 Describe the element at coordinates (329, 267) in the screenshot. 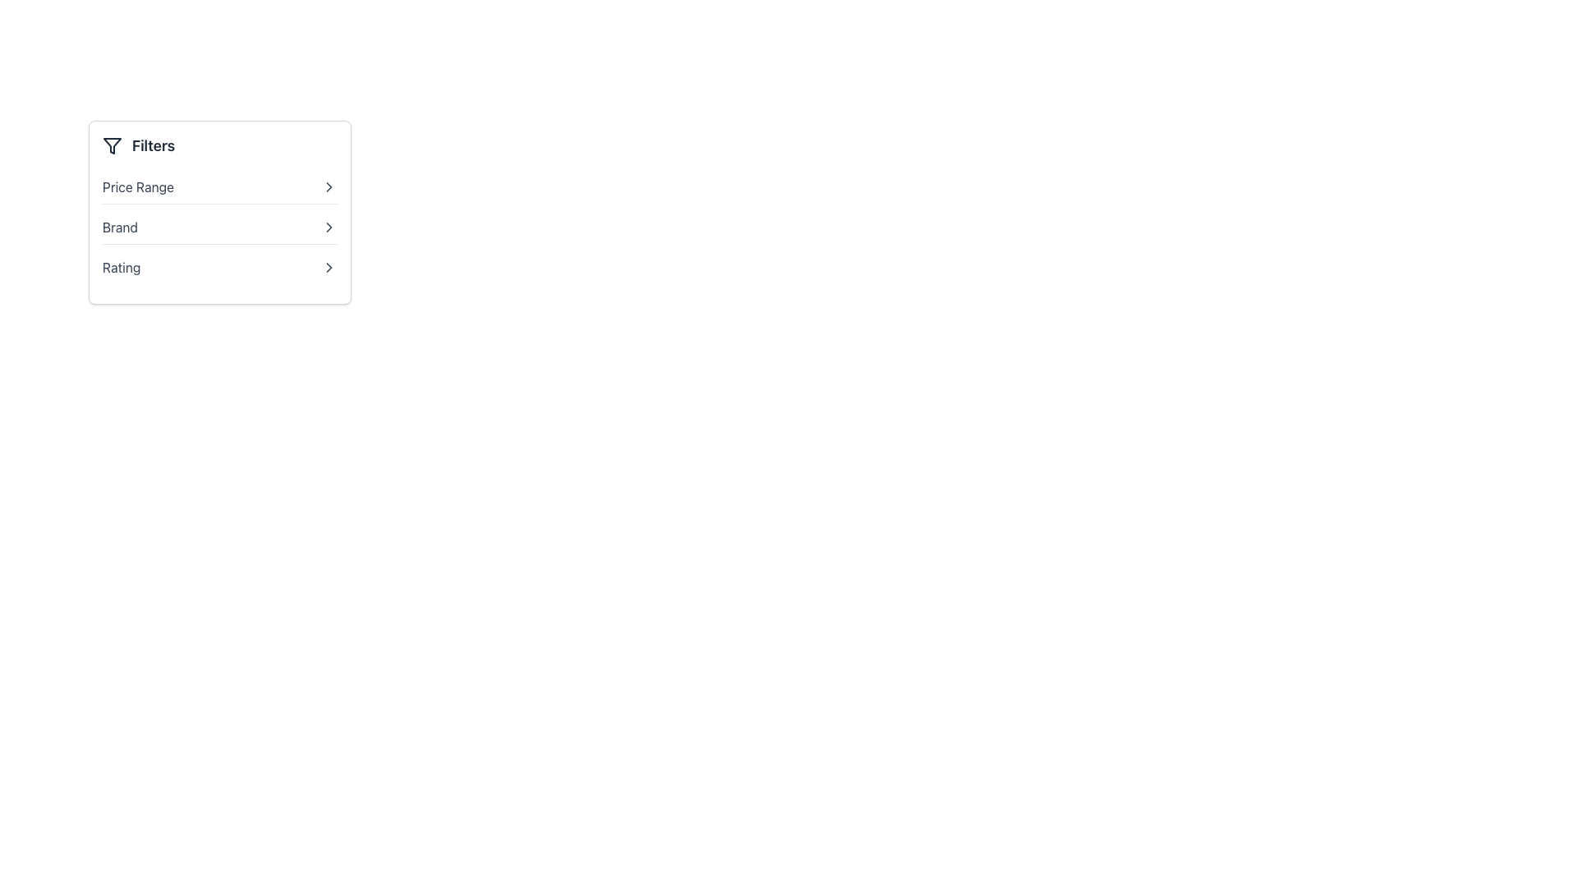

I see `the right-facing chevron arrow icon in the 'Rating' dropdown menu` at that location.